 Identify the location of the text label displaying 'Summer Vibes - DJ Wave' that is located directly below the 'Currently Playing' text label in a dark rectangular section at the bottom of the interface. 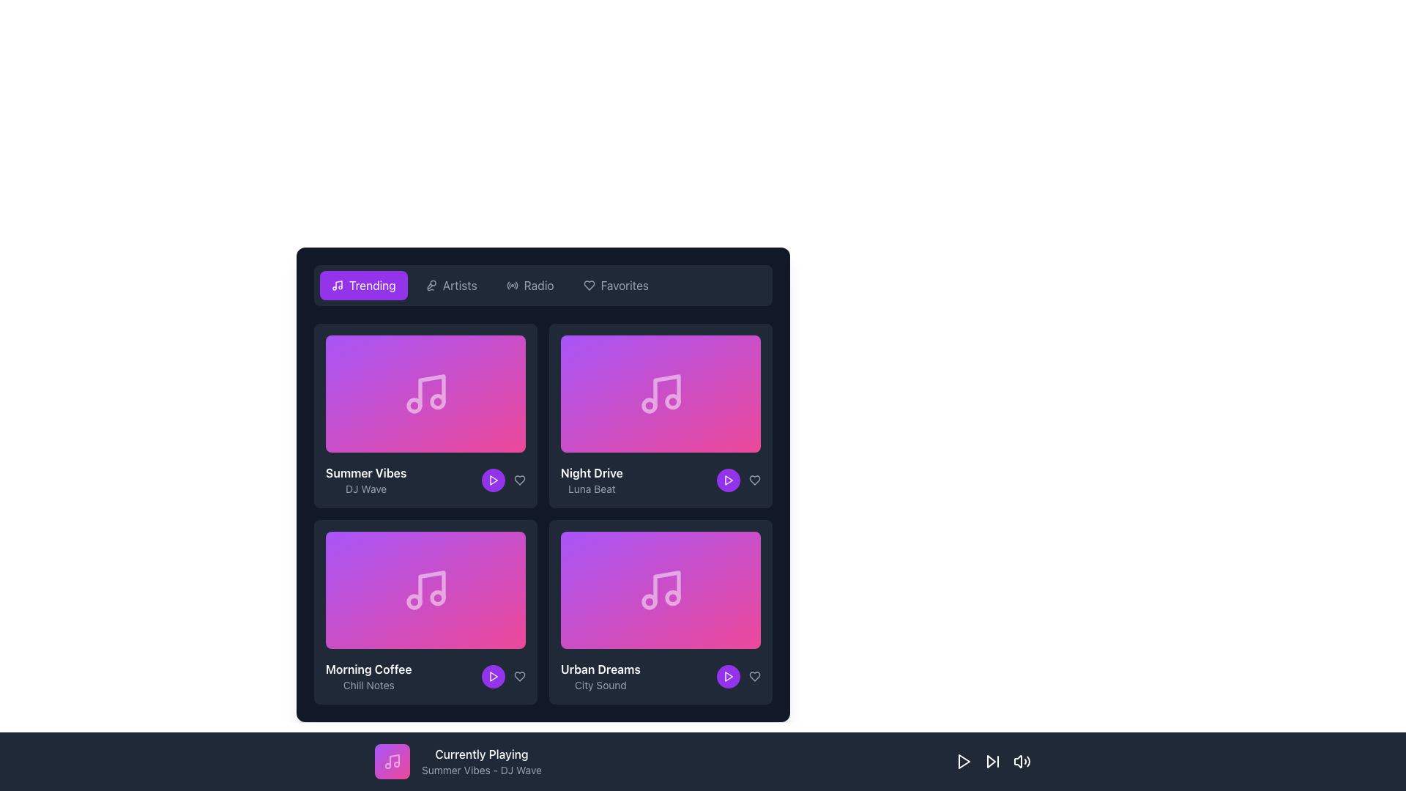
(481, 770).